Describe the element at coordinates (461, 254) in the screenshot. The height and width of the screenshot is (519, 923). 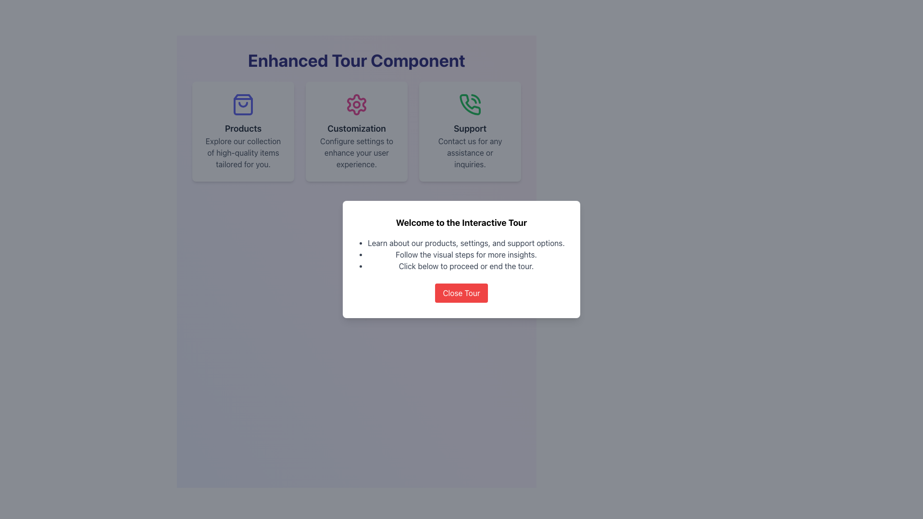
I see `the bulleted list containing the items: 'Learn about our products, settings, and support options.', 'Follow the visual steps for more insights.', and 'Click below to proceed or end the tour.'` at that location.